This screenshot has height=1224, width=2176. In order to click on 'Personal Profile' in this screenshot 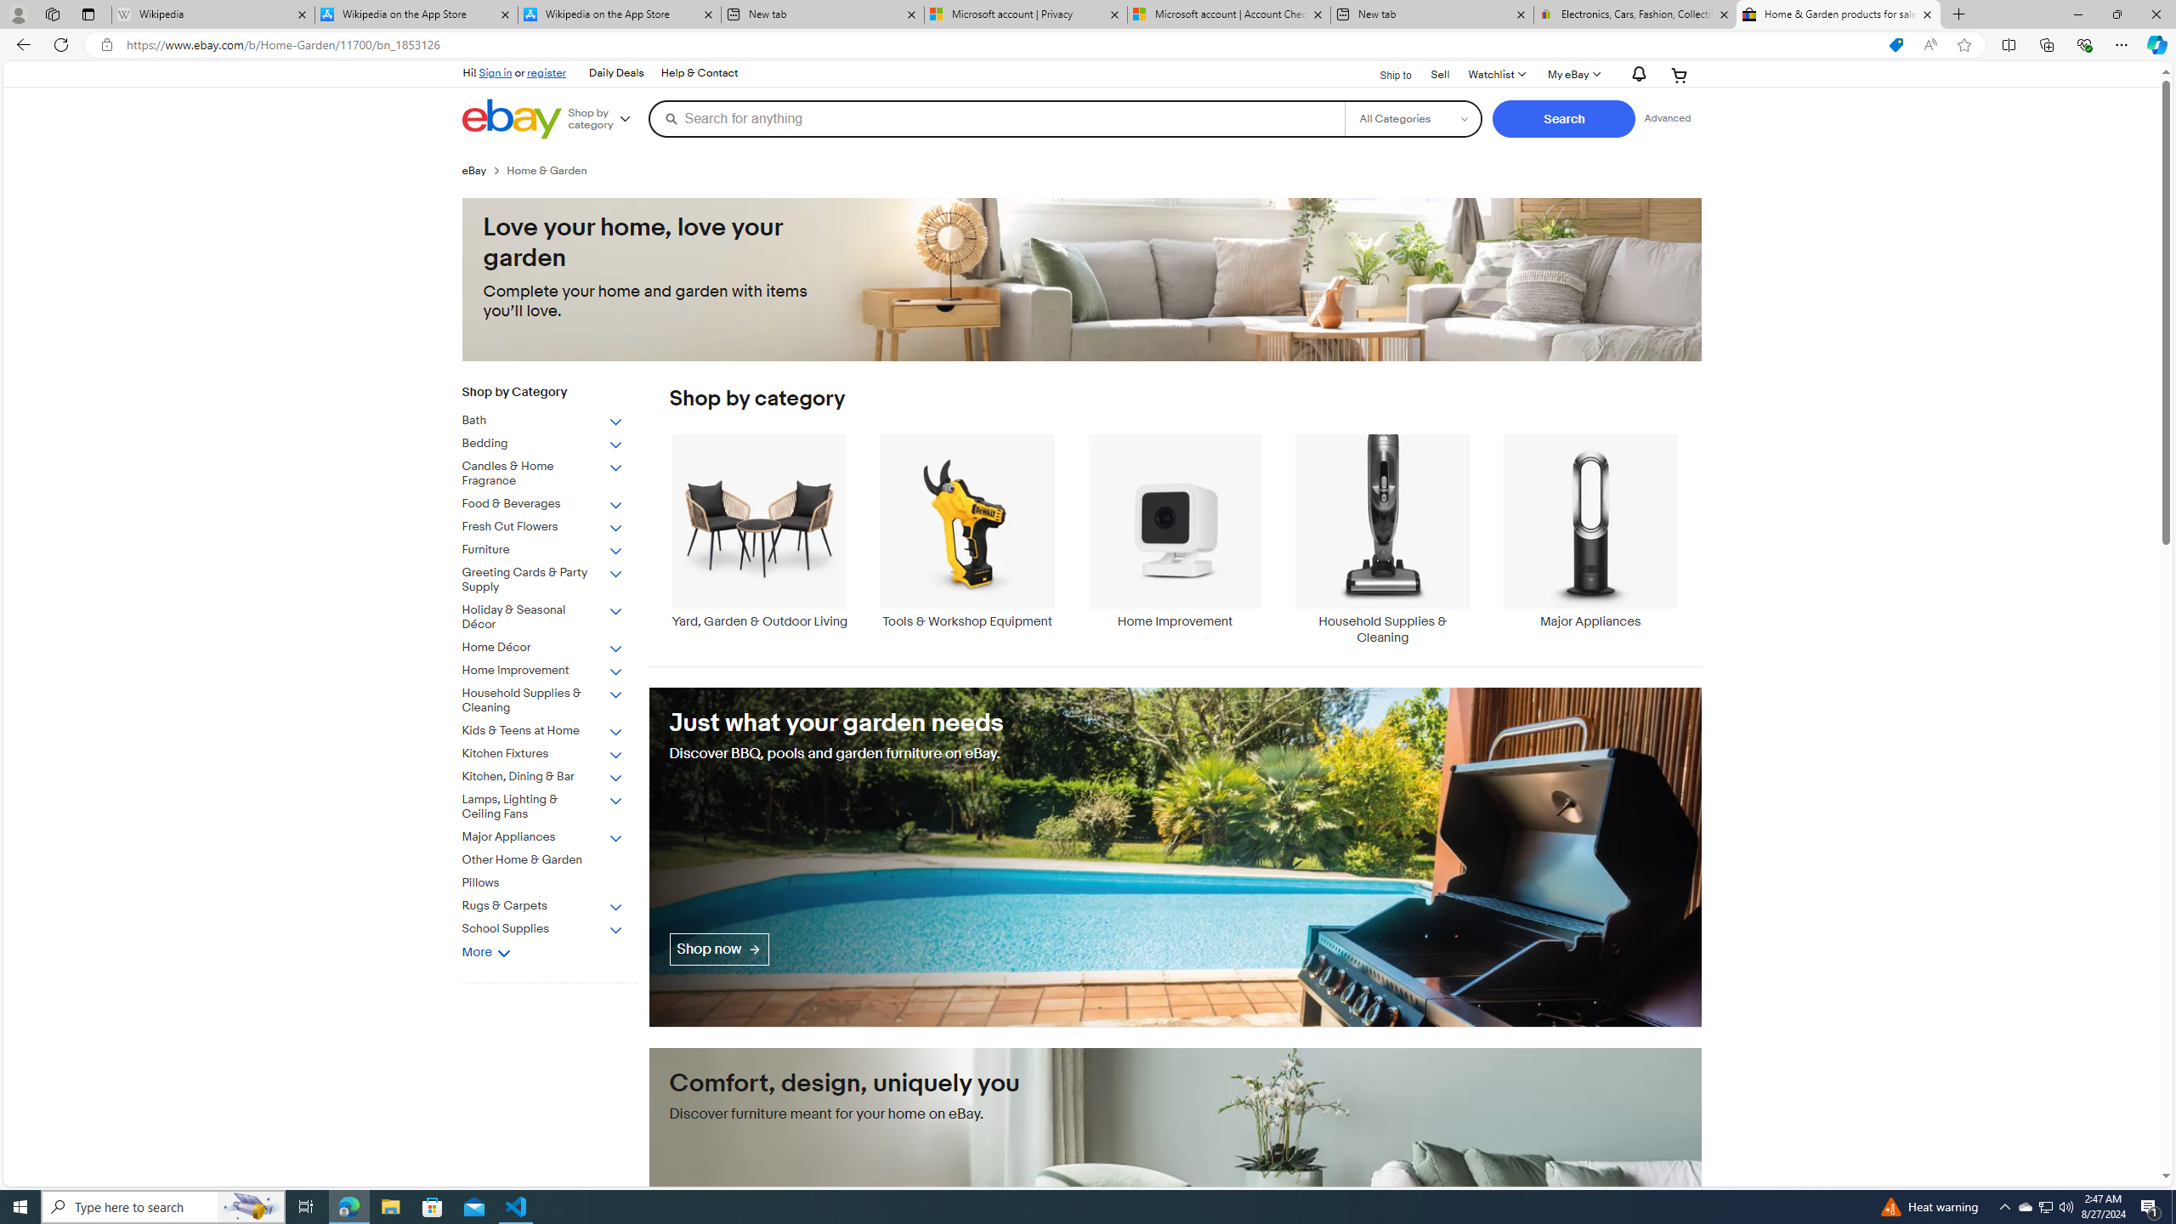, I will do `click(17, 14)`.